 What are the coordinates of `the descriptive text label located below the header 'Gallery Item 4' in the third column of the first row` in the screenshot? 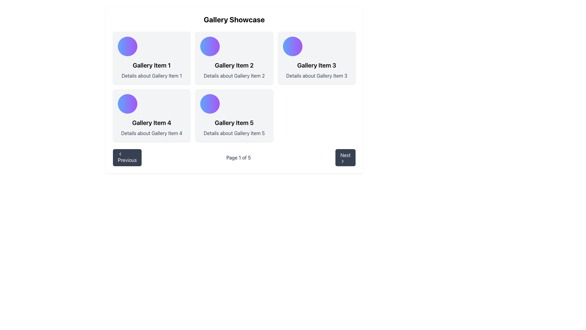 It's located at (152, 133).